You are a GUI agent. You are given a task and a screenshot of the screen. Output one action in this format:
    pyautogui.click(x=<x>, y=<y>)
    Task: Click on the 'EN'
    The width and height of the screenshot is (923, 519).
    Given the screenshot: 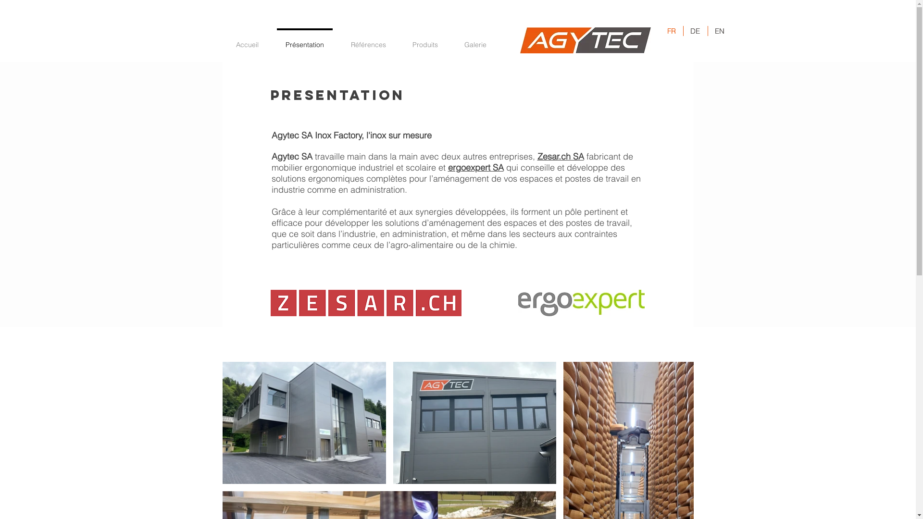 What is the action you would take?
    pyautogui.click(x=708, y=30)
    